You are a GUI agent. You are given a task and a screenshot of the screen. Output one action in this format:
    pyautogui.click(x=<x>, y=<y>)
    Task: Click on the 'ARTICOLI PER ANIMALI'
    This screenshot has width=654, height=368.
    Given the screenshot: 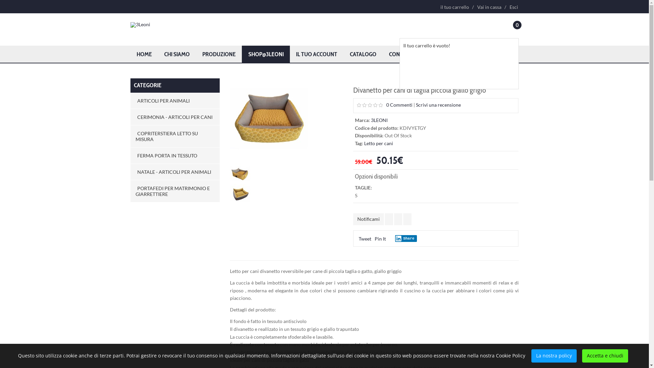 What is the action you would take?
    pyautogui.click(x=175, y=101)
    